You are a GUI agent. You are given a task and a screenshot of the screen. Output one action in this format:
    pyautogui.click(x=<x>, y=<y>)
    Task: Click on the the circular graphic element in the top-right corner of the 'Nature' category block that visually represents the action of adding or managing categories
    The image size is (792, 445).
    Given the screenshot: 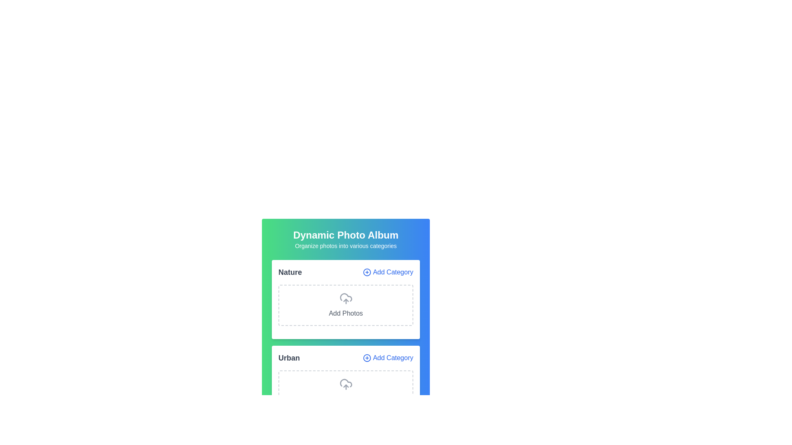 What is the action you would take?
    pyautogui.click(x=367, y=272)
    